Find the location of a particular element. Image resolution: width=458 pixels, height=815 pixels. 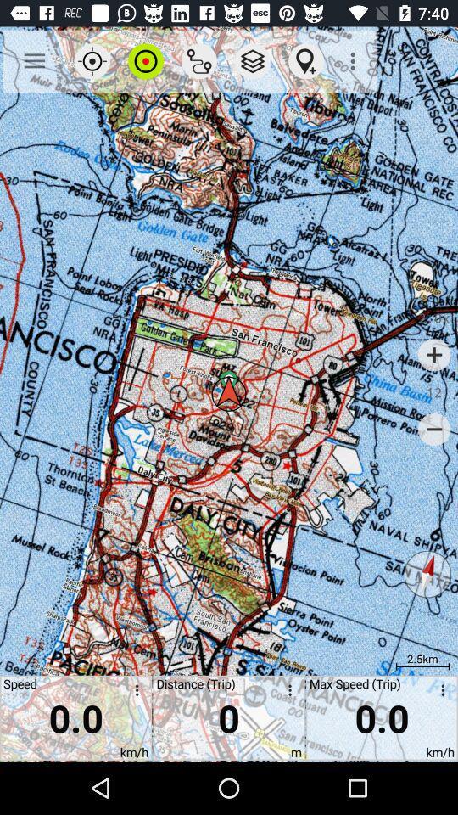

the icon below 12 item is located at coordinates (434, 429).